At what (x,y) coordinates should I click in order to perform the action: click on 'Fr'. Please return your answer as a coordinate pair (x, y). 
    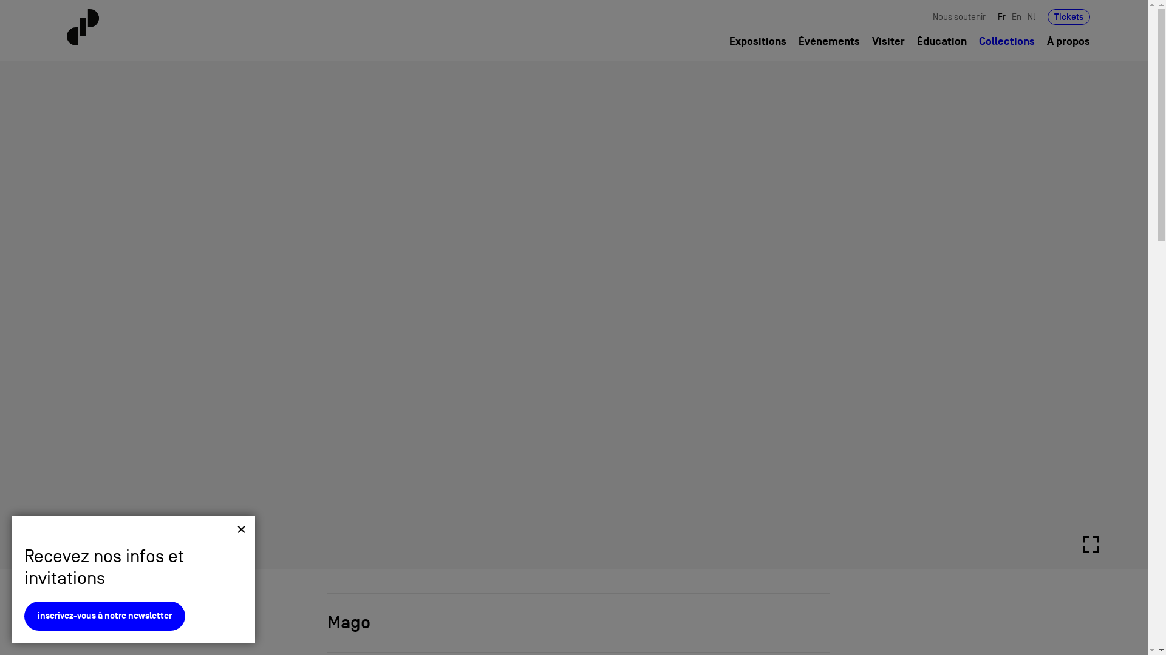
    Looking at the image, I should click on (1001, 16).